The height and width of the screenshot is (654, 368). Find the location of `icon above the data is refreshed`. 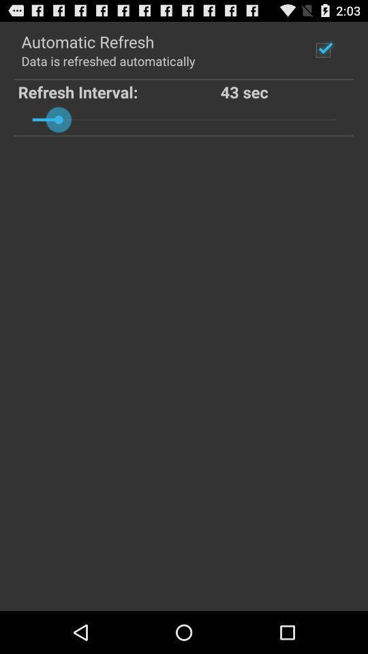

icon above the data is refreshed is located at coordinates (88, 40).